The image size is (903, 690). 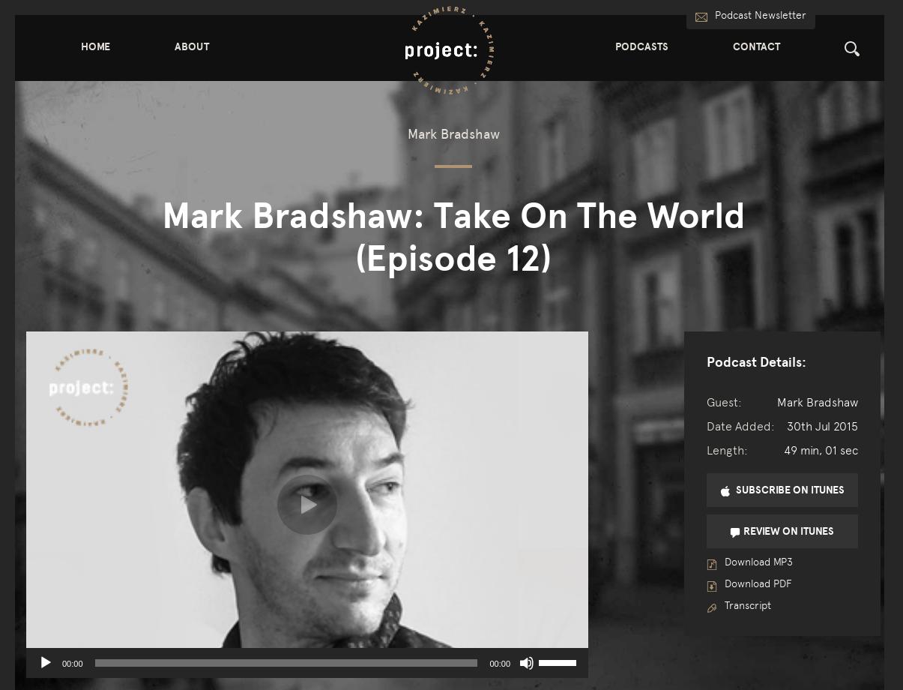 What do you see at coordinates (705, 449) in the screenshot?
I see `'Length:'` at bounding box center [705, 449].